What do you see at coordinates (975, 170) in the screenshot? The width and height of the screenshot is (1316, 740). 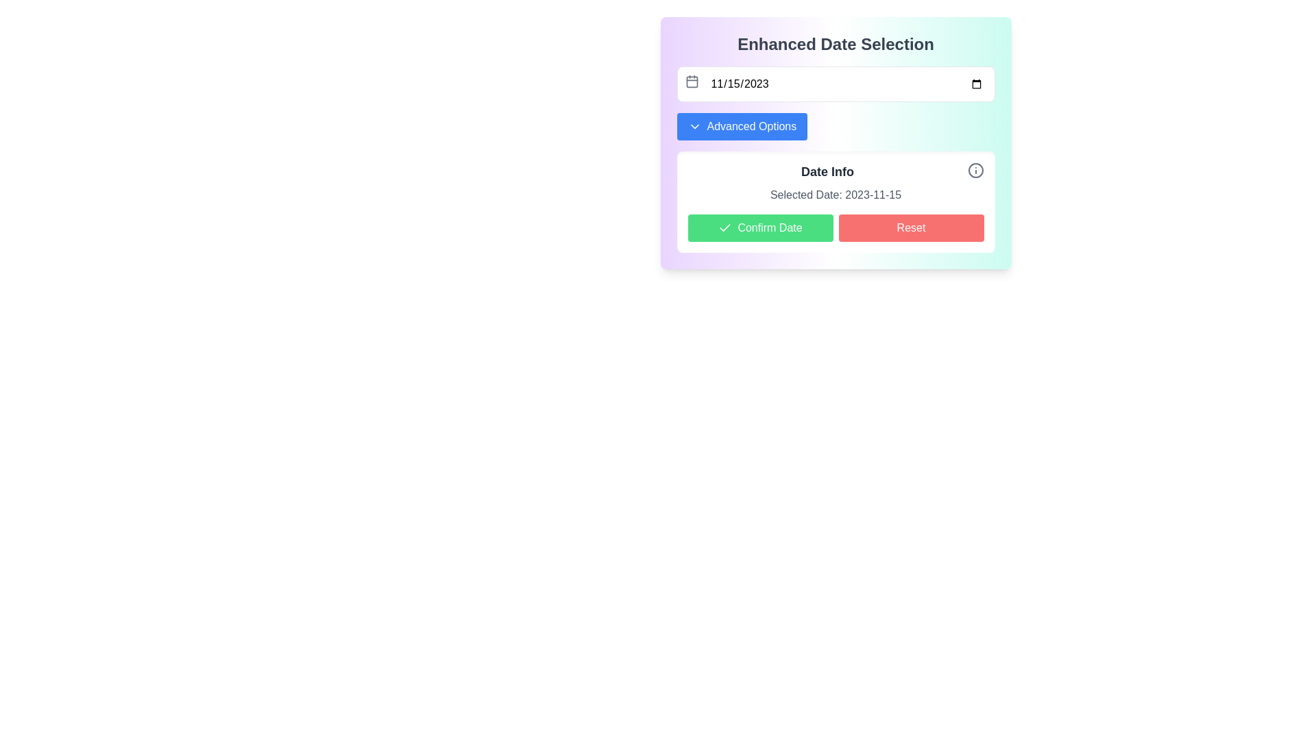 I see `the SVG circle located at the top-right corner of the 'Date Info' section, which symbolizes action or status` at bounding box center [975, 170].